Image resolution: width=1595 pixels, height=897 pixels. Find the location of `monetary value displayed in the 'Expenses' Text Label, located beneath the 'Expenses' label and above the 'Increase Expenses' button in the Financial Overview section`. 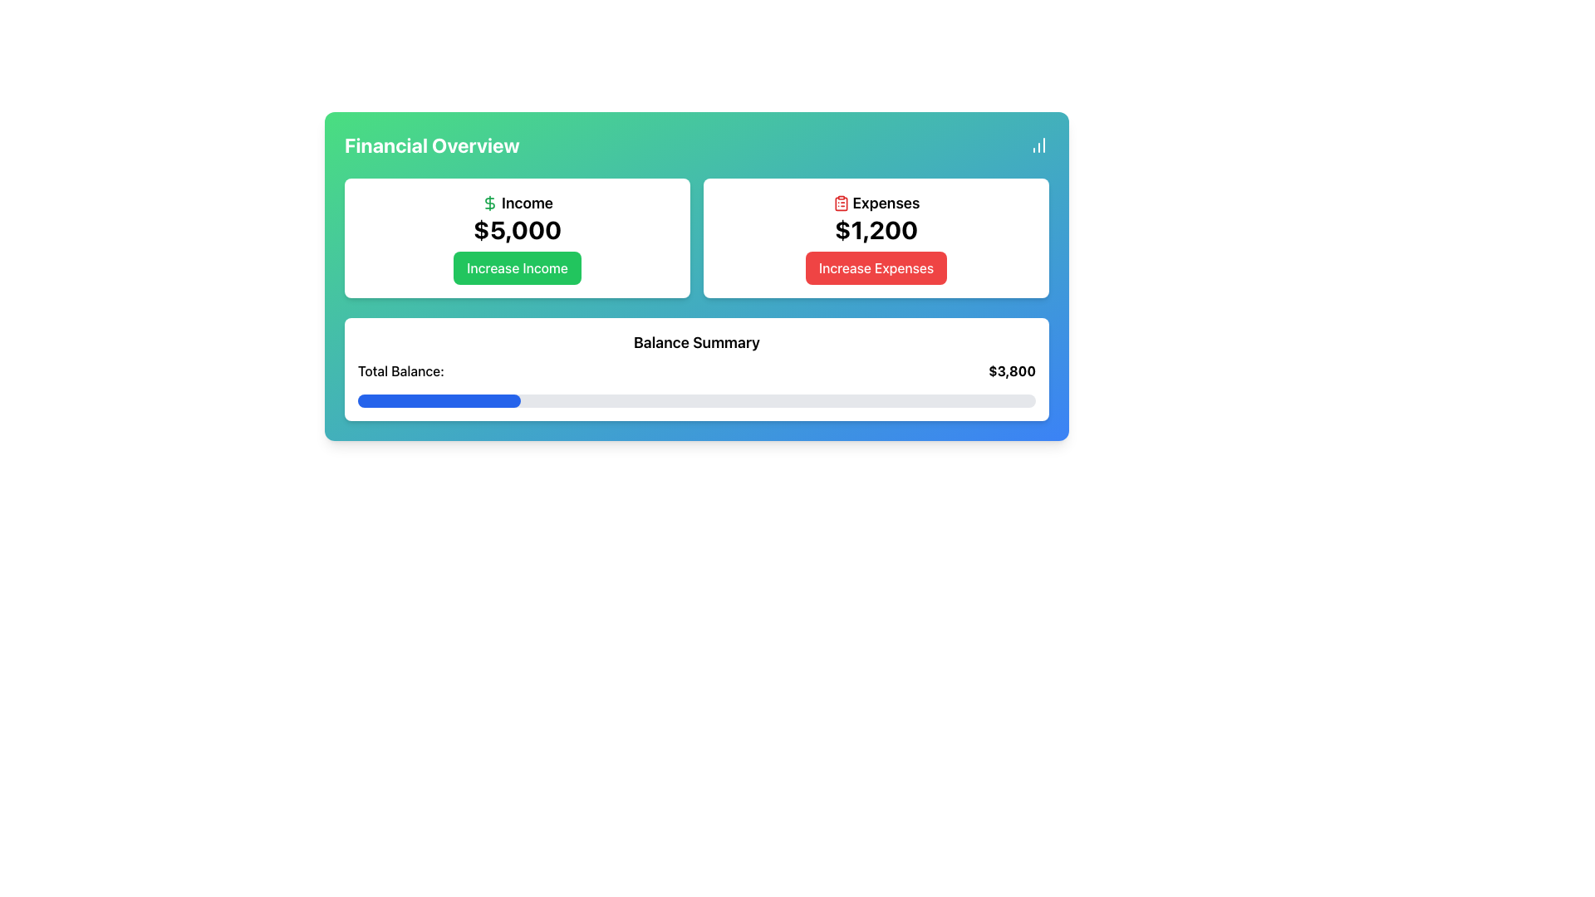

monetary value displayed in the 'Expenses' Text Label, located beneath the 'Expenses' label and above the 'Increase Expenses' button in the Financial Overview section is located at coordinates (876, 230).